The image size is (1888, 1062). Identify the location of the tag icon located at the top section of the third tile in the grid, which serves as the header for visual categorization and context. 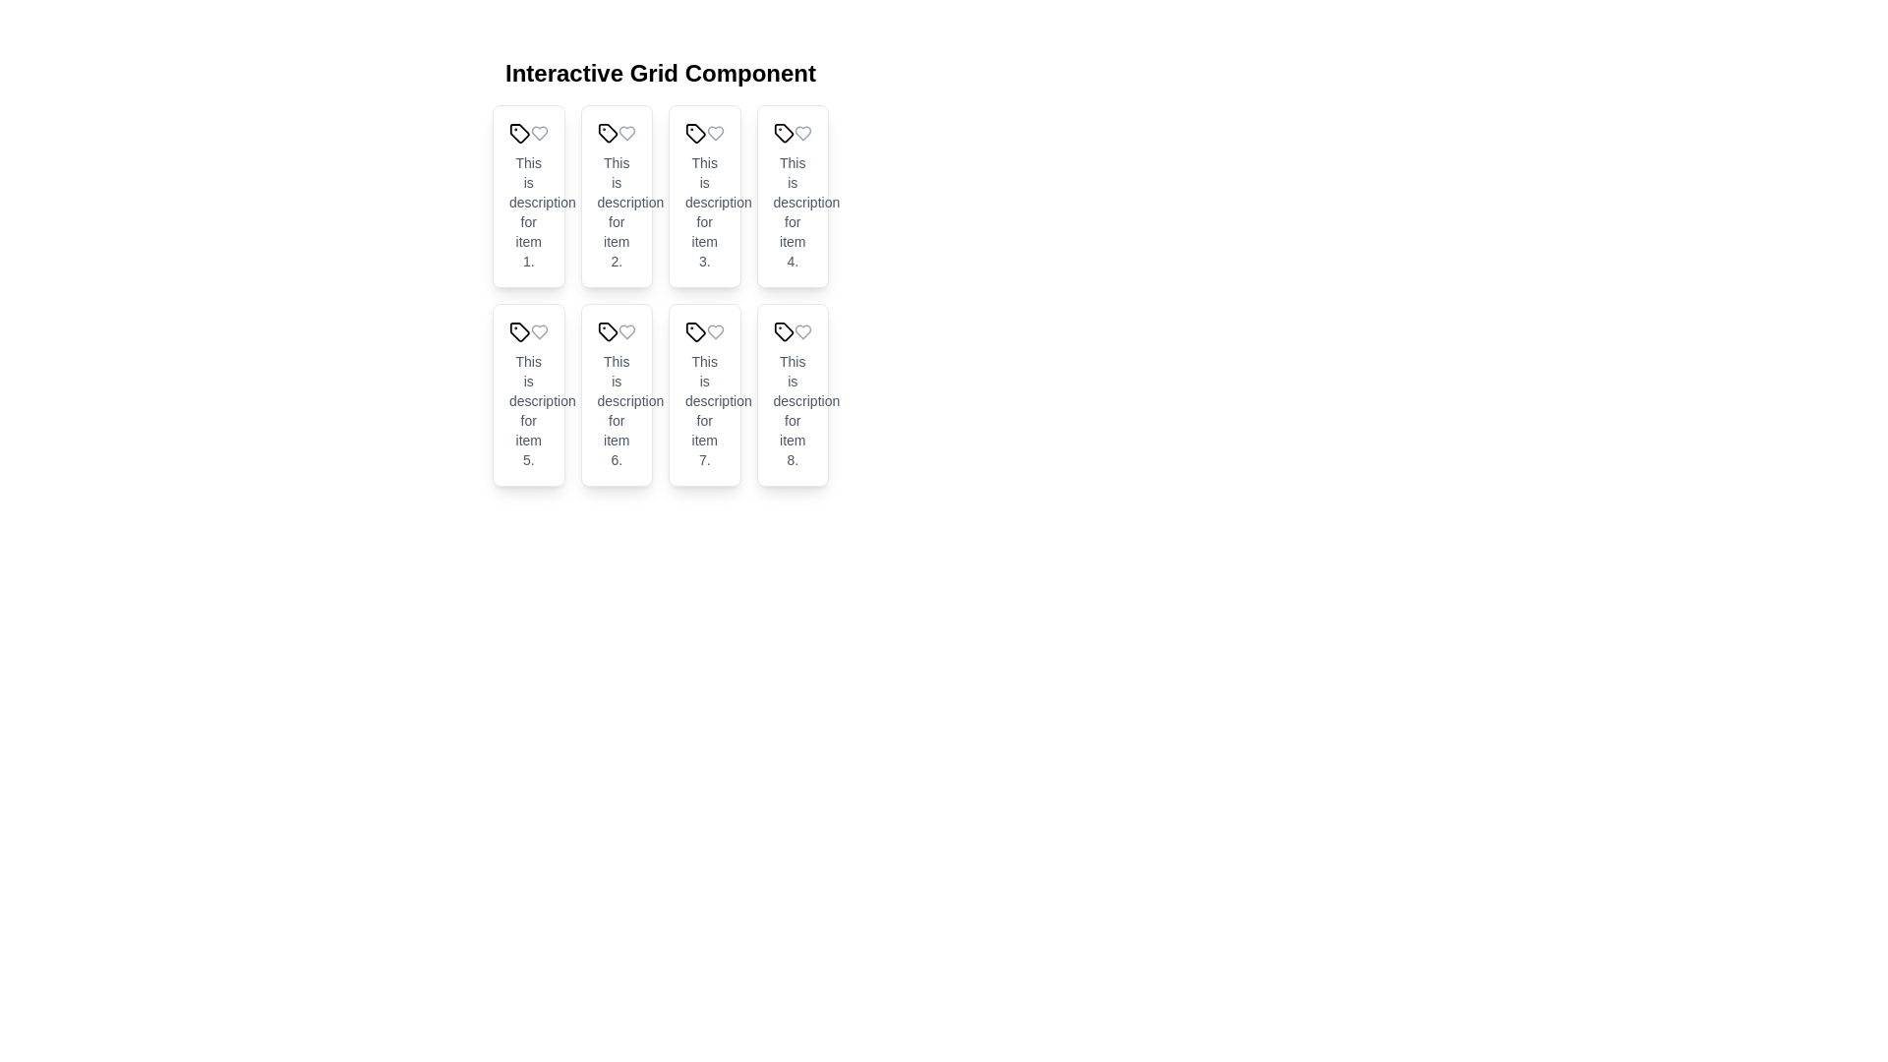
(704, 133).